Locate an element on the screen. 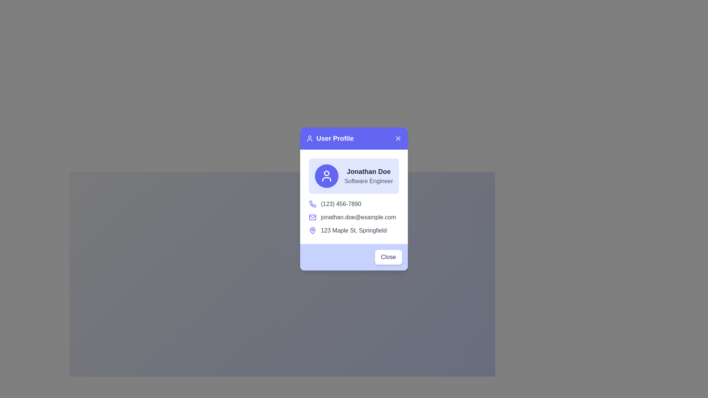  the close button located at the bottom-right corner of the dialog box with a light indigo background is located at coordinates (388, 257).